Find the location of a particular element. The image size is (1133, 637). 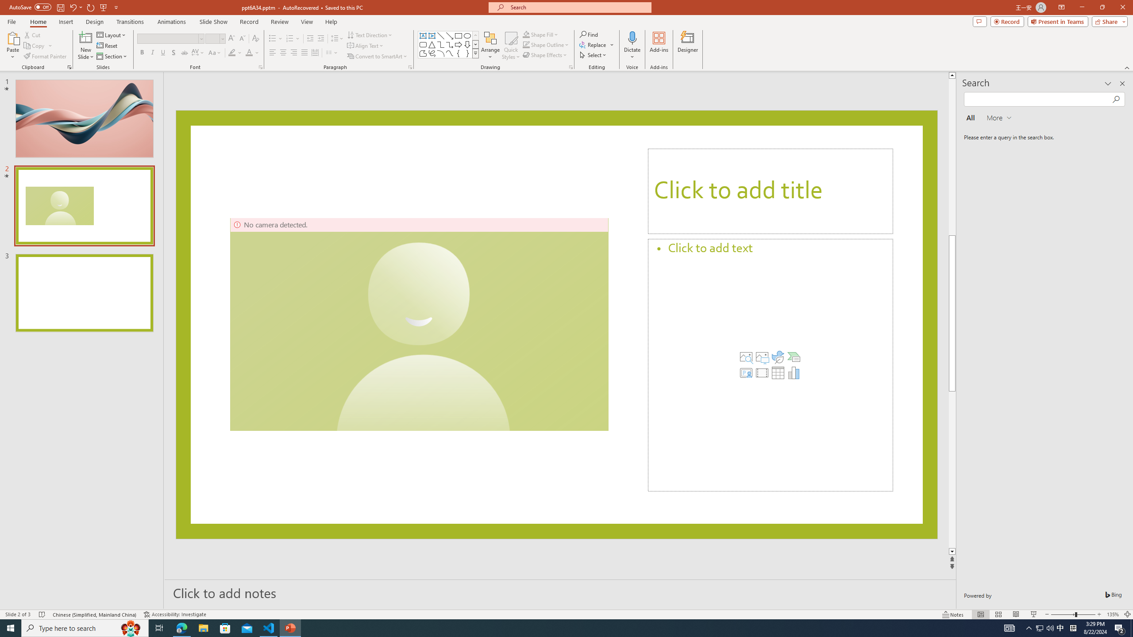

'Connector: Elbow Arrow' is located at coordinates (449, 44).